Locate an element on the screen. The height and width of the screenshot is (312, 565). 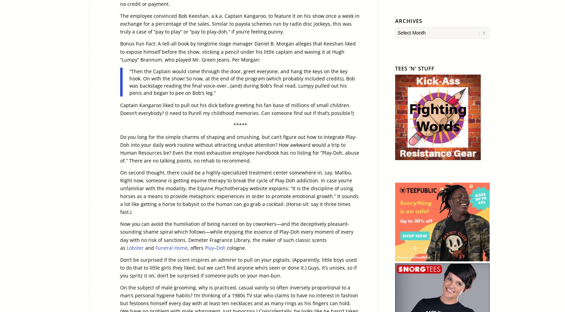
'and' is located at coordinates (149, 247).